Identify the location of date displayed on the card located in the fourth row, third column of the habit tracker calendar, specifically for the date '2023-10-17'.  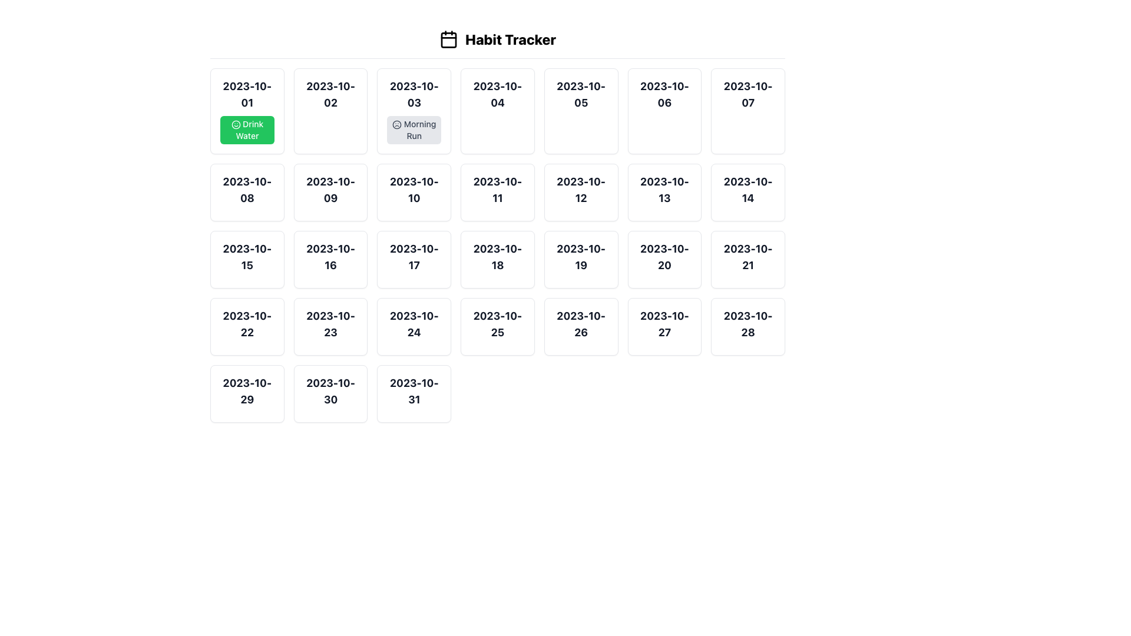
(414, 259).